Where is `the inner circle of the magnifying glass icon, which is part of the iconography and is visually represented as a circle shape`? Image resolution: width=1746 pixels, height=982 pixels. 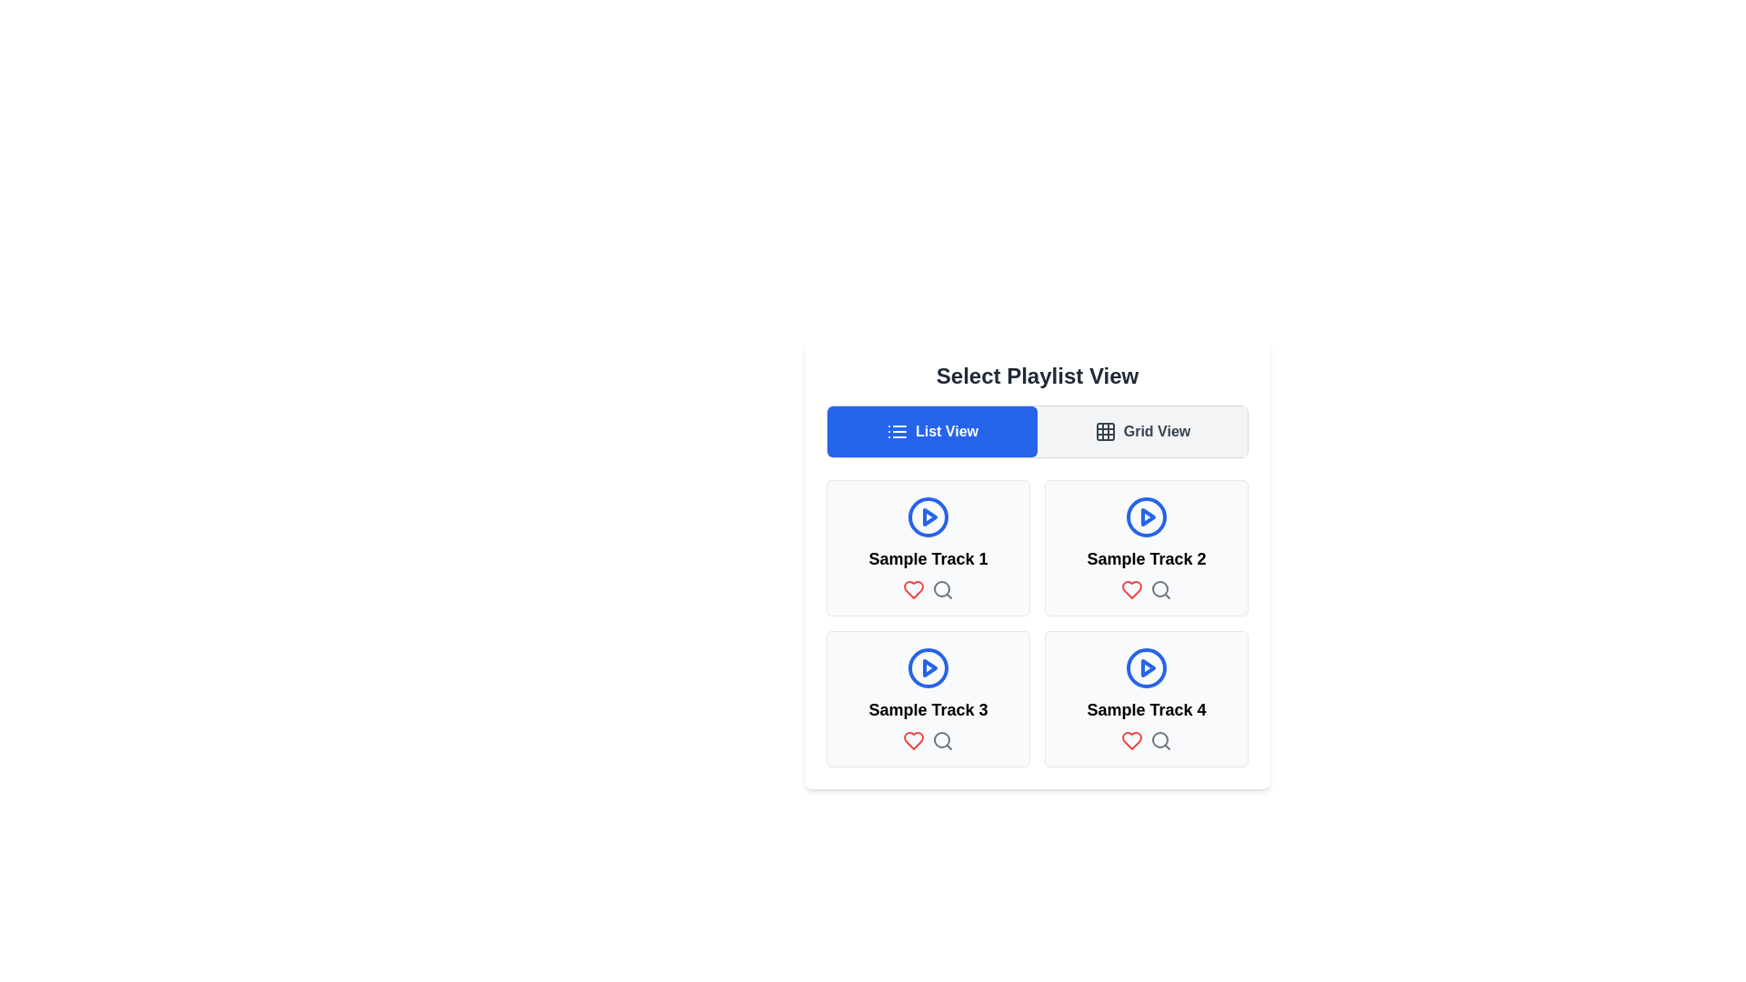
the inner circle of the magnifying glass icon, which is part of the iconography and is visually represented as a circle shape is located at coordinates (1159, 739).